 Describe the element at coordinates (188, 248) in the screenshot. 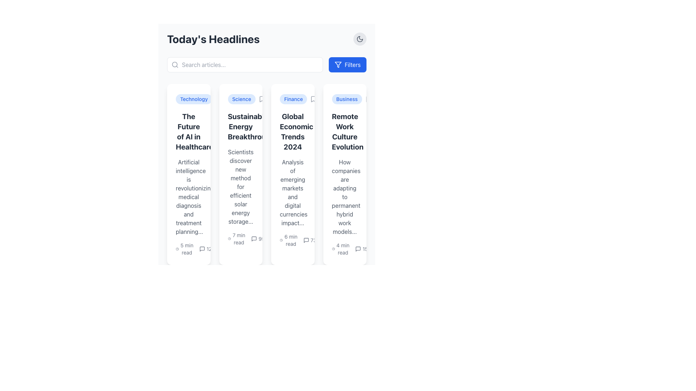

I see `the static text displaying '5 min read' with a clock icon, located in the bottom metadata section of the card titled 'The Future of AI in Healthcare'` at that location.